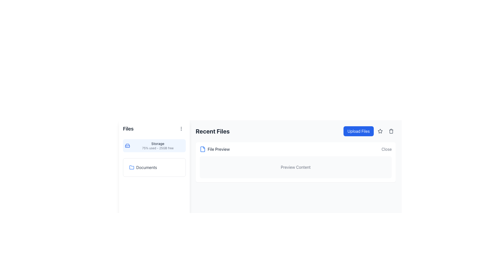 Image resolution: width=480 pixels, height=270 pixels. I want to click on the Text label that describes storage-related information within the 'Files' panel, positioned above '75% used - 25GB free', so click(157, 143).